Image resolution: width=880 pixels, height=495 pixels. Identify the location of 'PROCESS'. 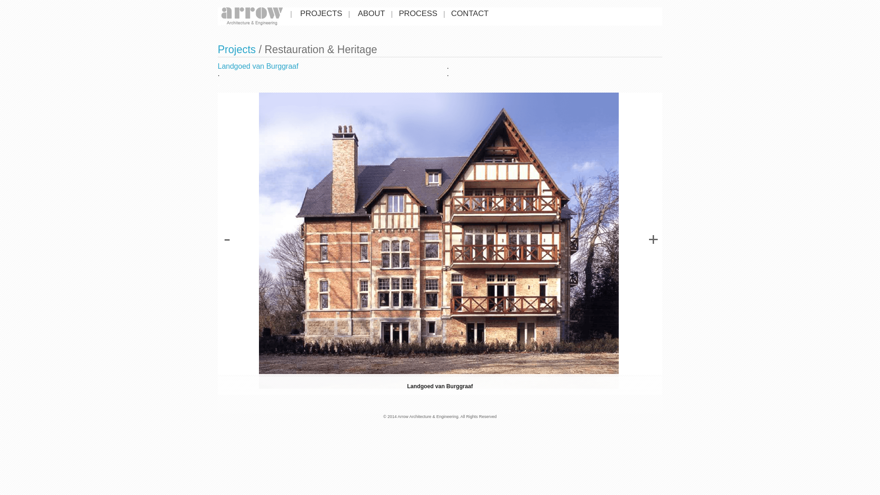
(418, 13).